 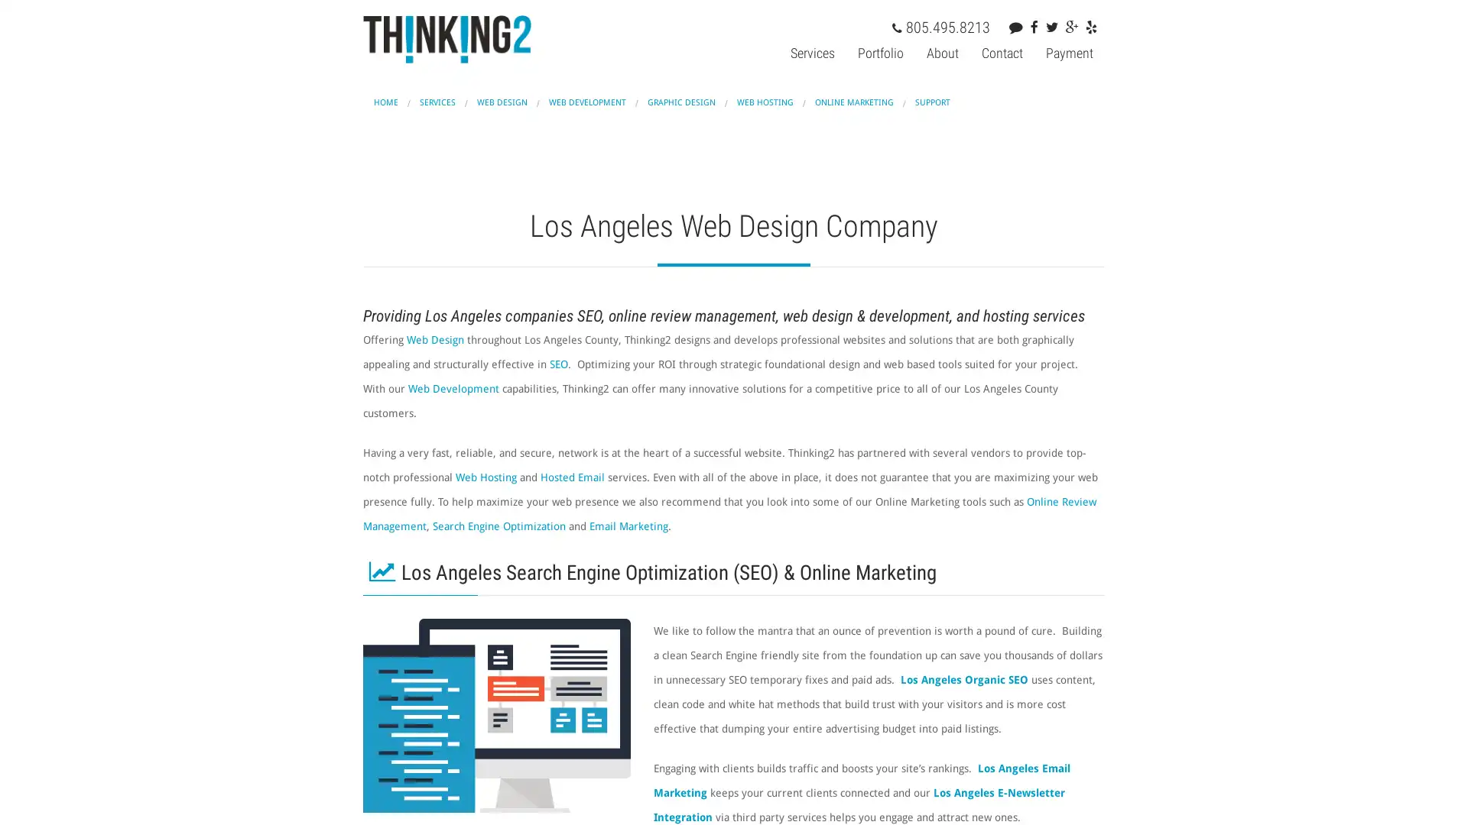 What do you see at coordinates (881, 52) in the screenshot?
I see `Portfolio` at bounding box center [881, 52].